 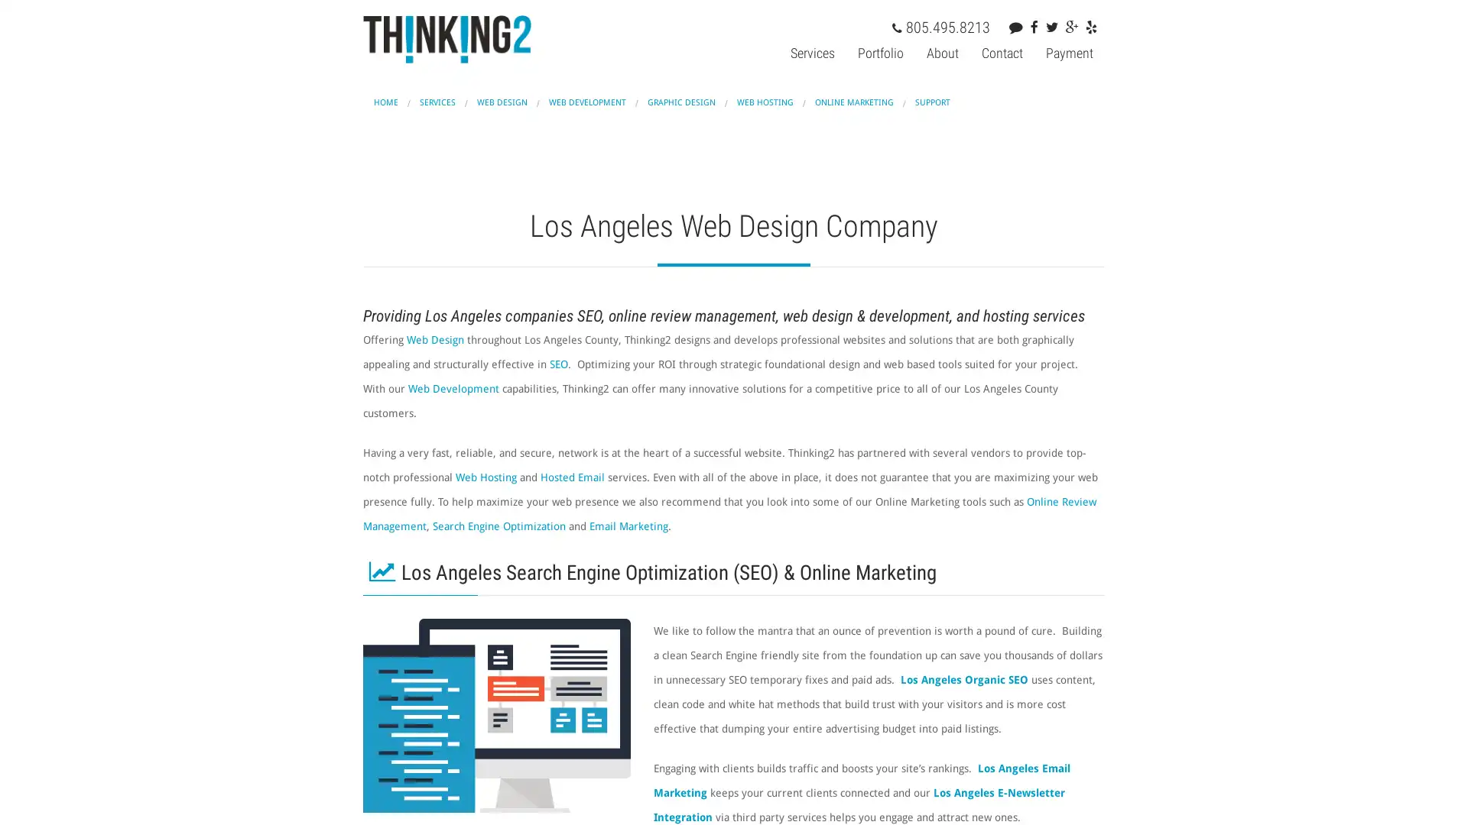 What do you see at coordinates (881, 52) in the screenshot?
I see `Portfolio` at bounding box center [881, 52].